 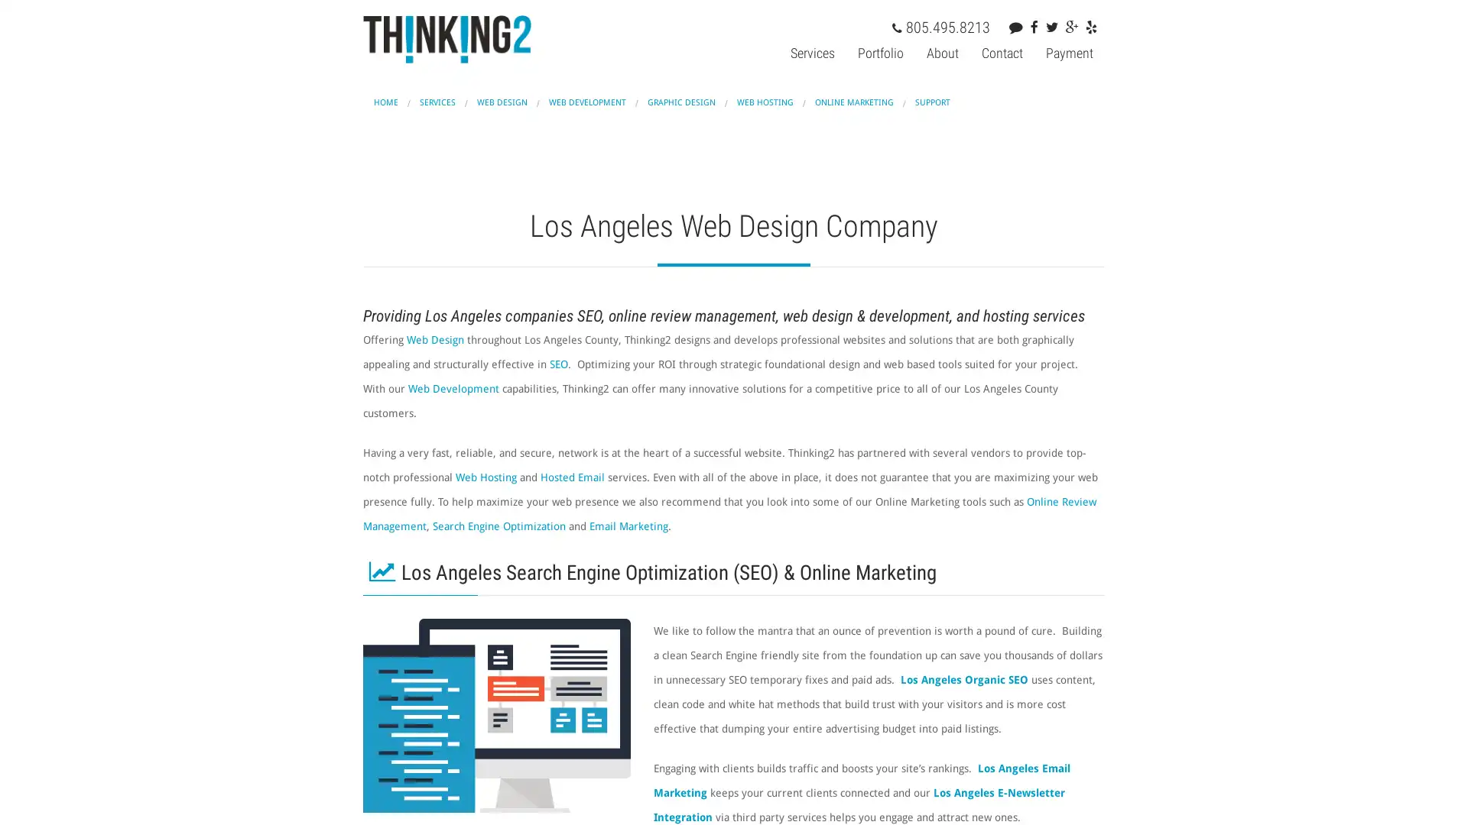 What do you see at coordinates (881, 52) in the screenshot?
I see `Portfolio` at bounding box center [881, 52].